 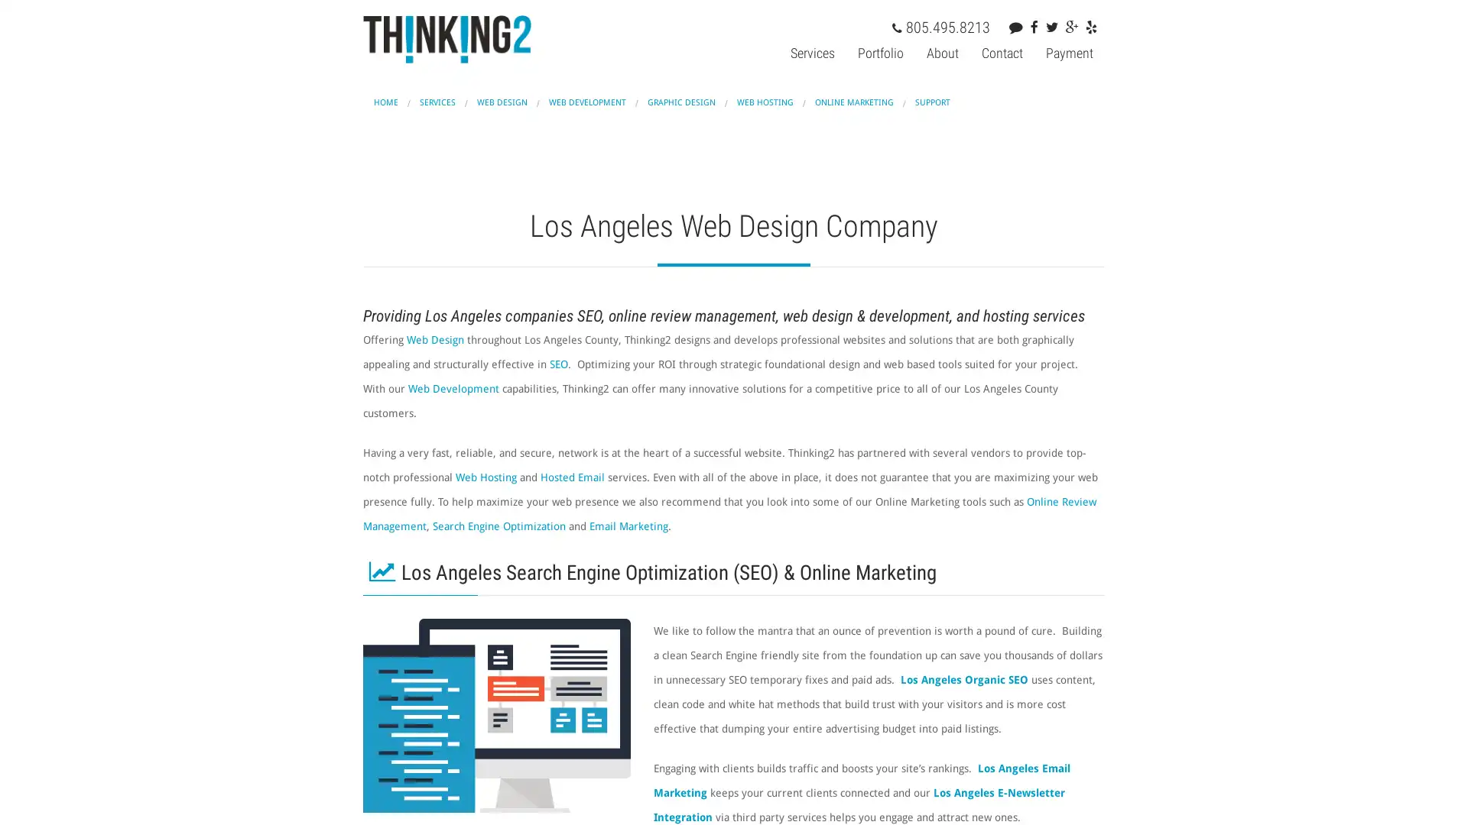 What do you see at coordinates (881, 52) in the screenshot?
I see `Portfolio` at bounding box center [881, 52].